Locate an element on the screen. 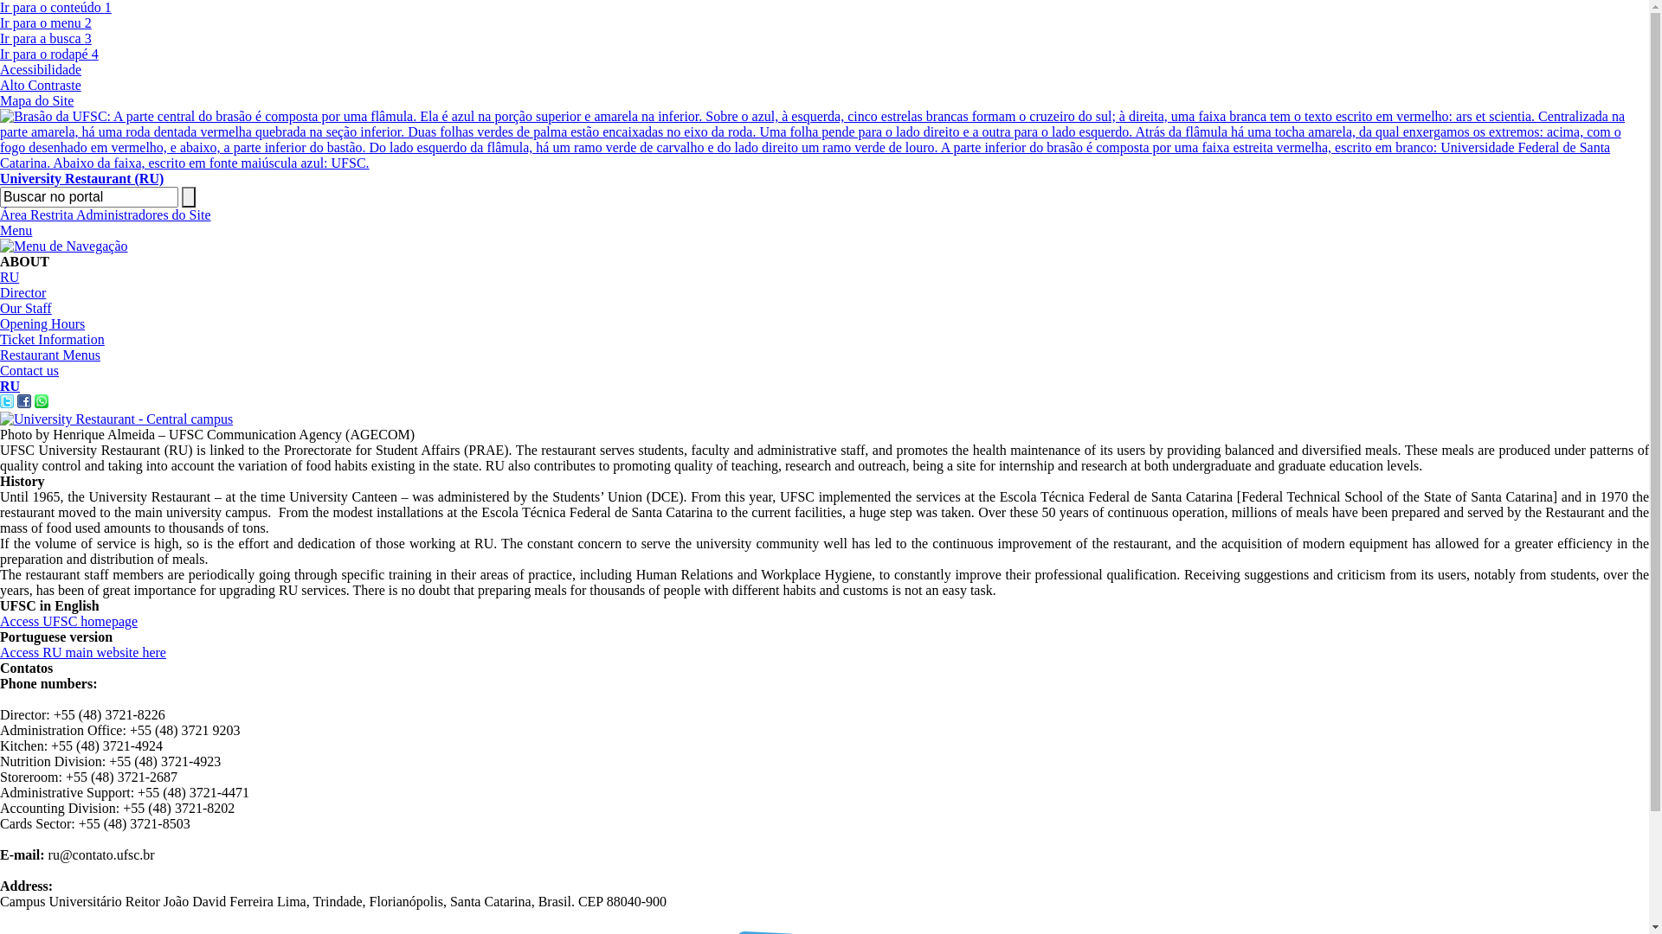  'Acessibilidade' is located at coordinates (41, 68).